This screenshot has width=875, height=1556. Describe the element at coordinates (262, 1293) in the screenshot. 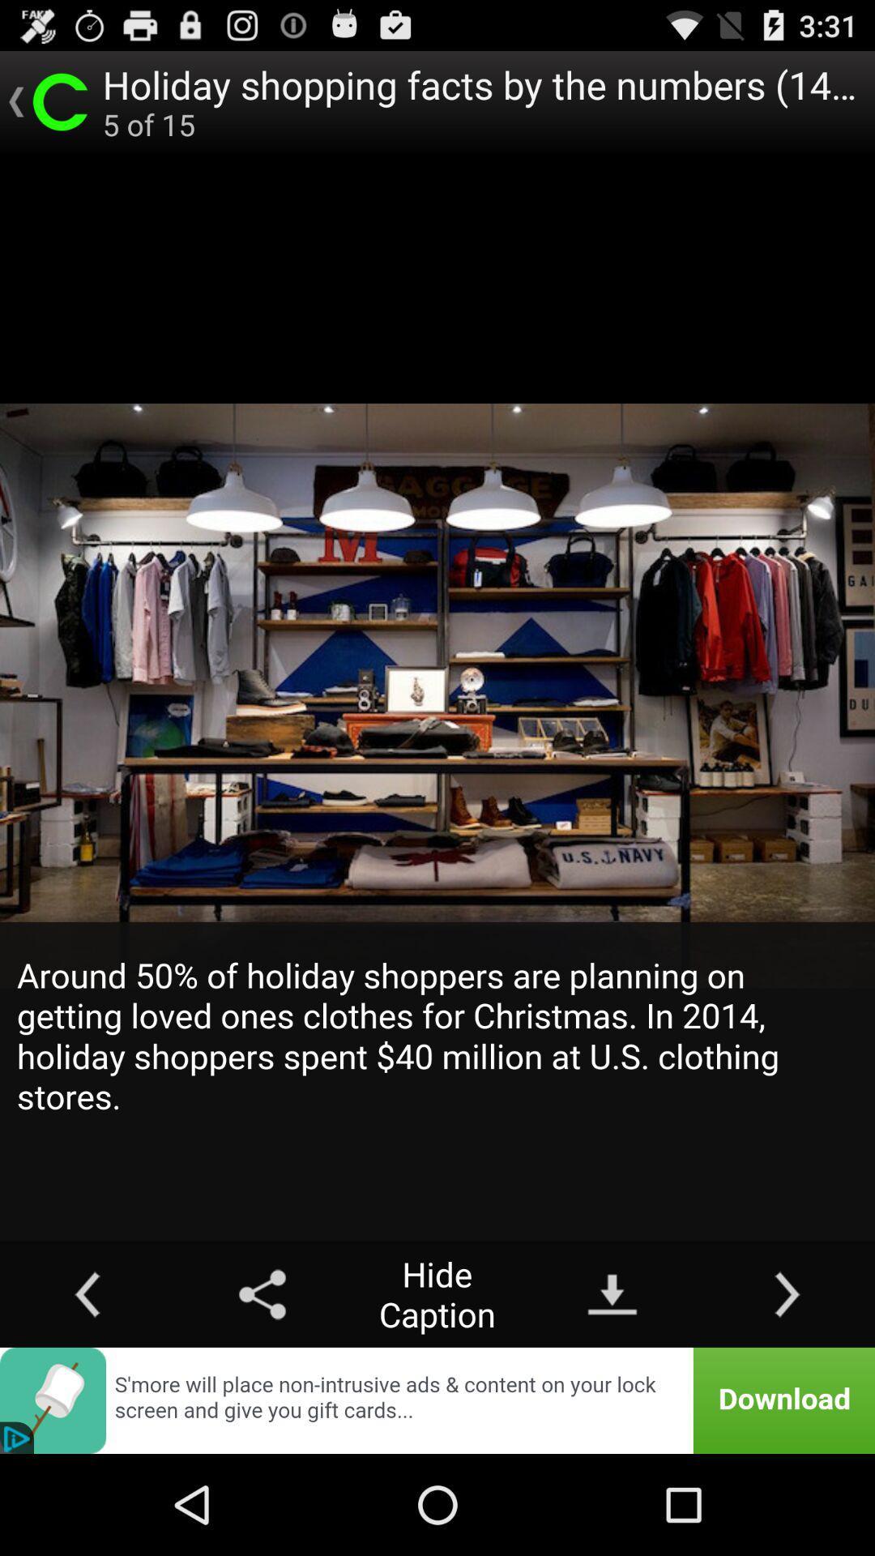

I see `the item to the left of the hide caption item` at that location.